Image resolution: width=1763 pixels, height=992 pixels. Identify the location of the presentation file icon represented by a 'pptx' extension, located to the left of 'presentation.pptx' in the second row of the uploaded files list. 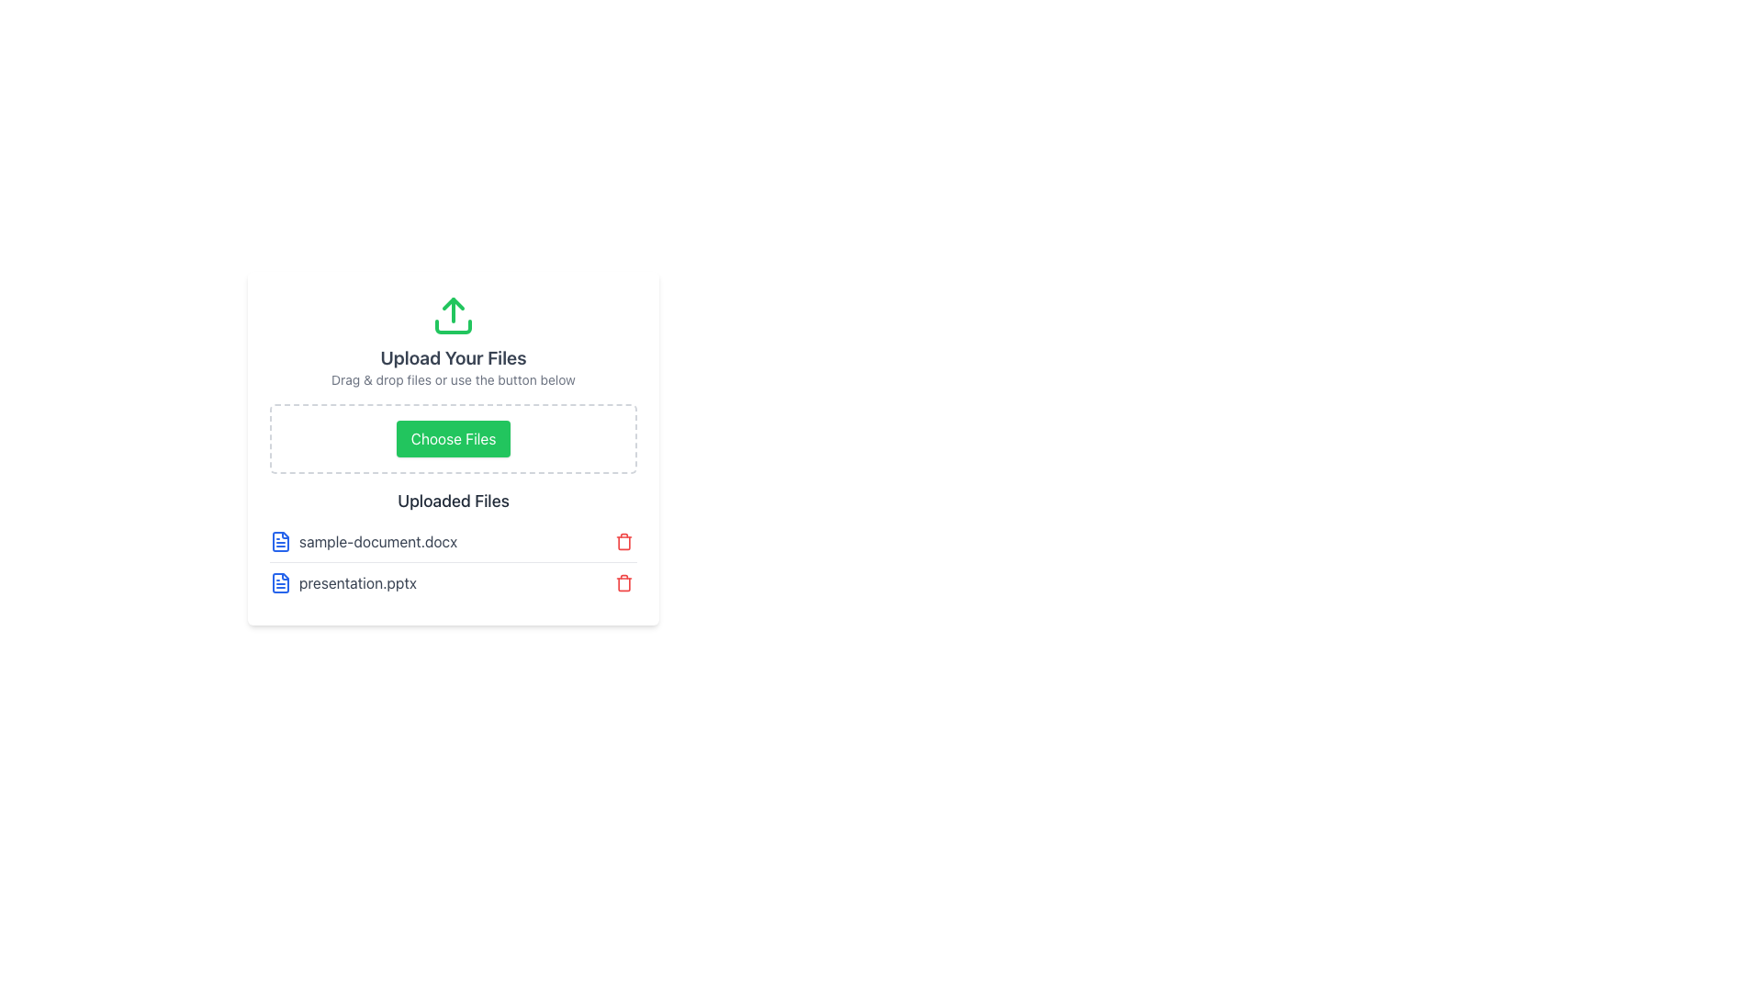
(280, 583).